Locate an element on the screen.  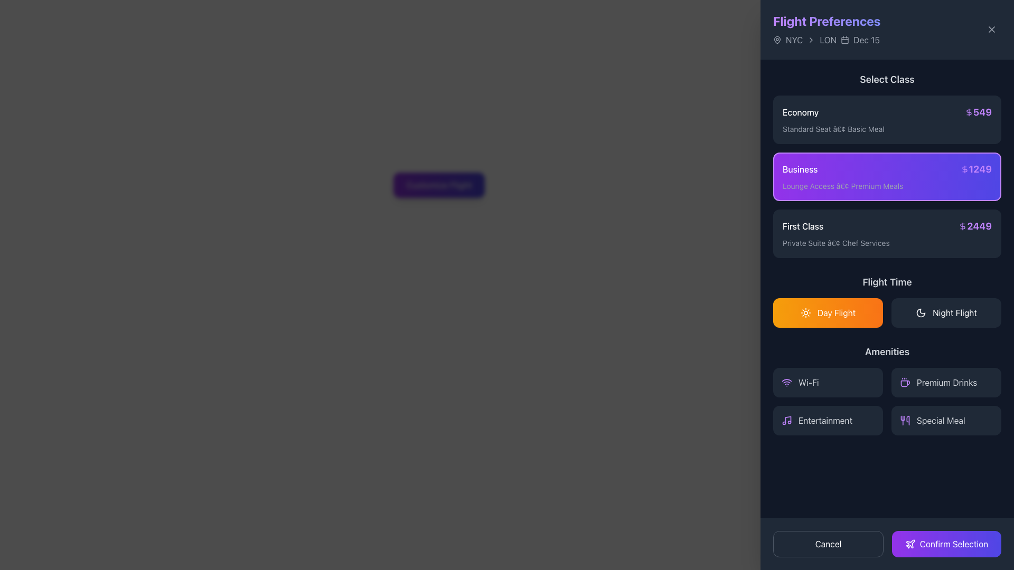
the purple coffee cup icon, which is the leftmost icon in the 'Premium Drinks' grouping under the 'Amenities' header is located at coordinates (904, 383).